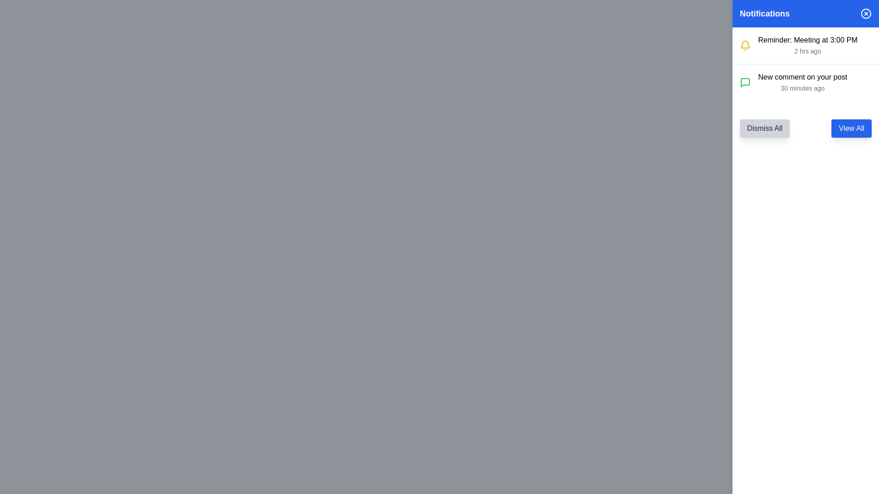 This screenshot has height=494, width=879. What do you see at coordinates (865, 14) in the screenshot?
I see `the close button located in the top-right corner of the 'Notifications' header to observe any hover effects` at bounding box center [865, 14].